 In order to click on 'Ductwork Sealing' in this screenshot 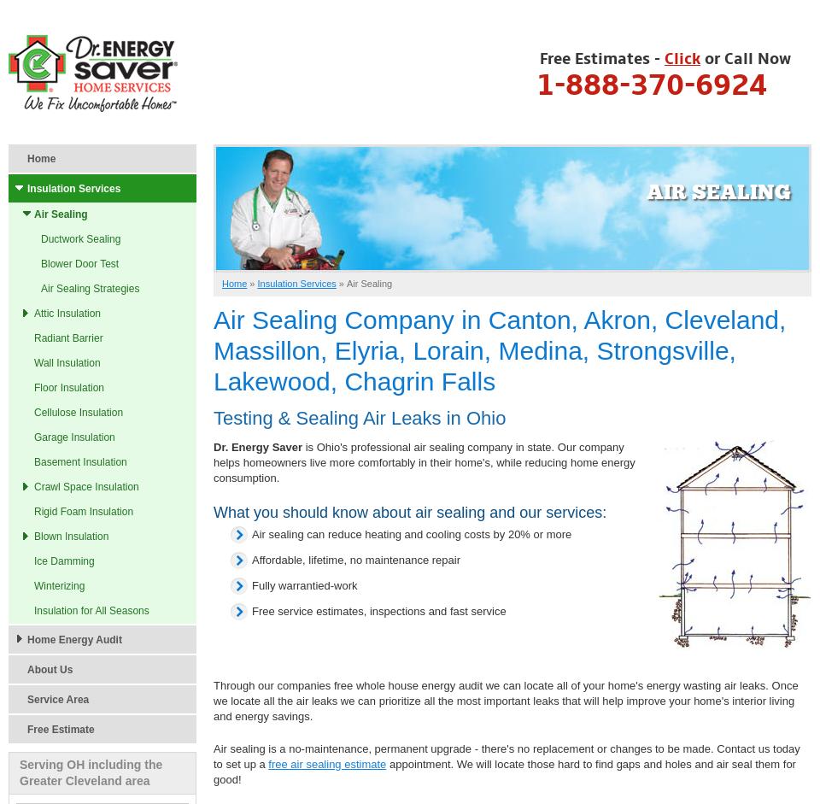, I will do `click(80, 239)`.